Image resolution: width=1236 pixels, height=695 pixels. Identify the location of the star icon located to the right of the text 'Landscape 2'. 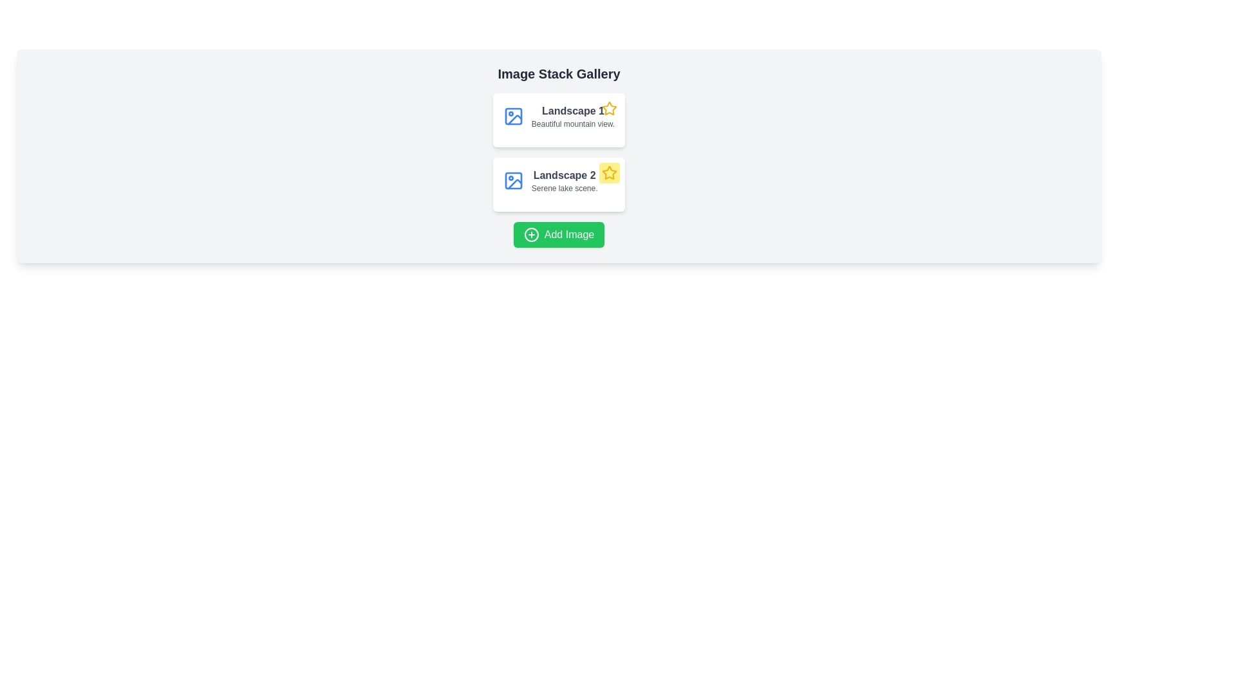
(609, 107).